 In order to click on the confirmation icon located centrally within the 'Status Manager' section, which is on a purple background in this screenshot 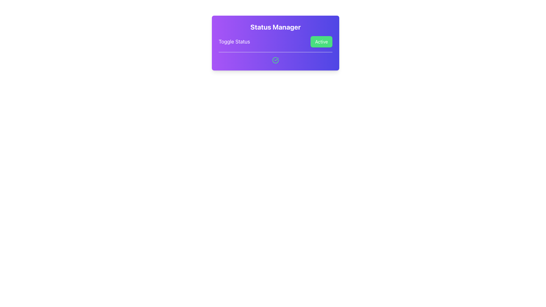, I will do `click(276, 60)`.